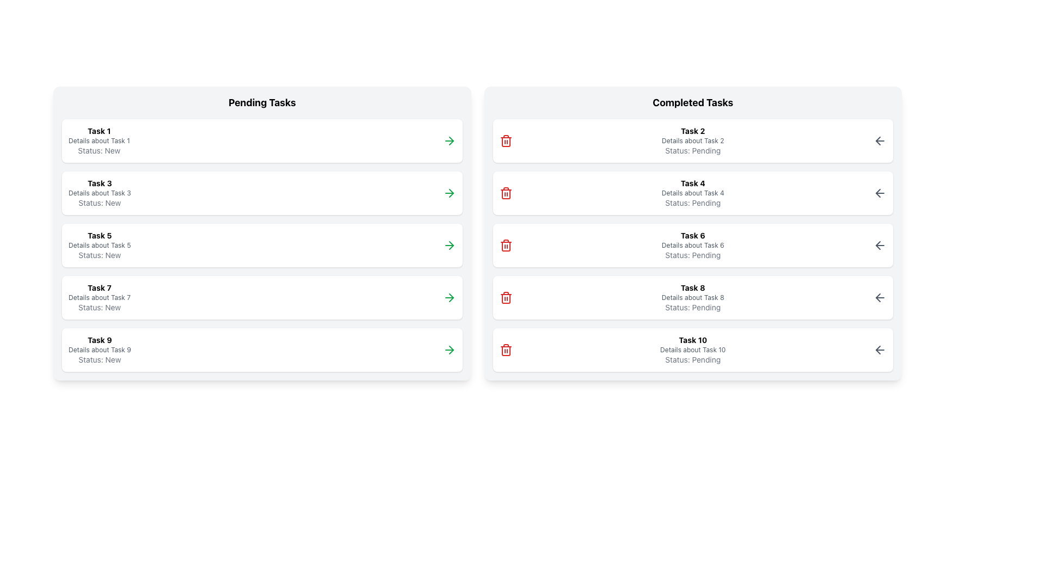 The height and width of the screenshot is (588, 1045). Describe the element at coordinates (880, 298) in the screenshot. I see `the left arrow button styled as an outlined icon in dark gray, located on the right side of the 'Task 8' card` at that location.